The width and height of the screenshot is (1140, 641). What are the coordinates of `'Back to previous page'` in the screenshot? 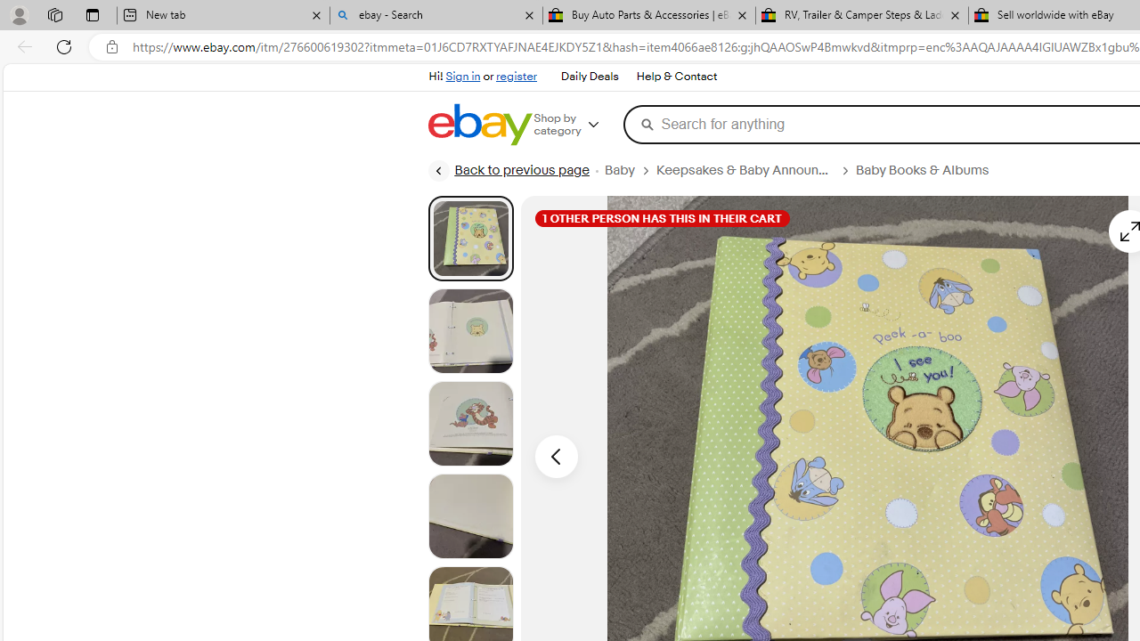 It's located at (507, 170).